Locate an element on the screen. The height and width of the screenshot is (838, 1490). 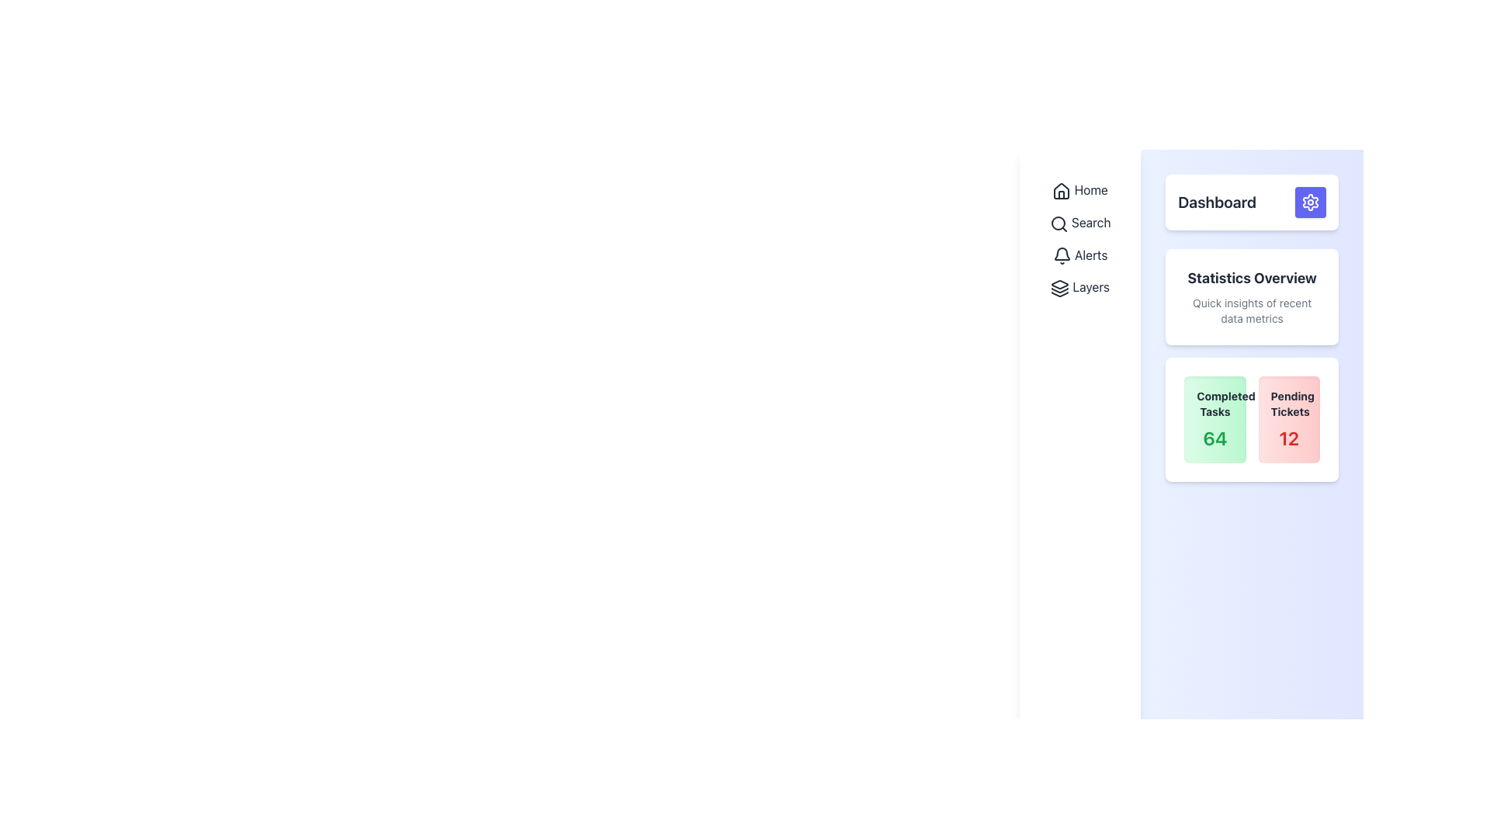
the 'Dashboard' component, which features a bold title text and a gear-shaped icon is located at coordinates (1252, 202).